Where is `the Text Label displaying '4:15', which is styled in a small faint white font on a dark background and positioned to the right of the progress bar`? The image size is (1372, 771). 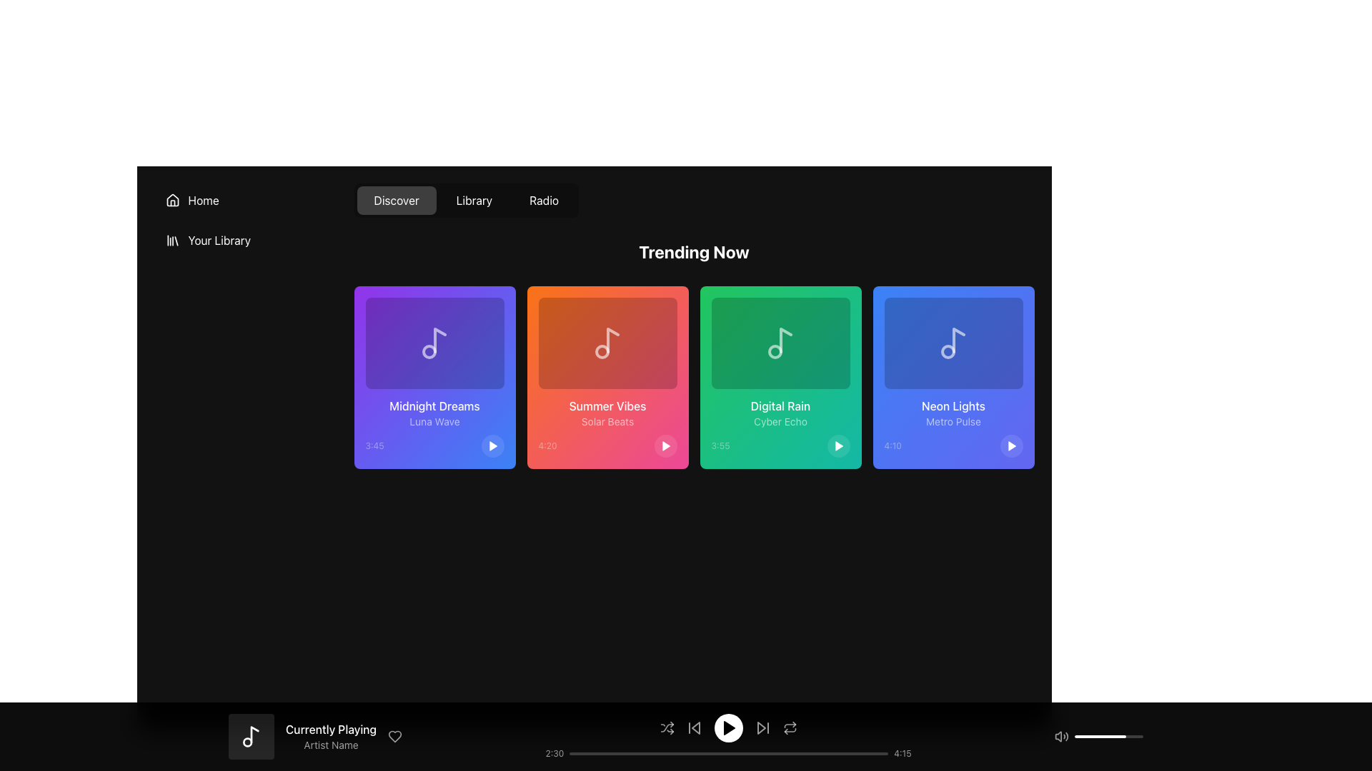
the Text Label displaying '4:15', which is styled in a small faint white font on a dark background and positioned to the right of the progress bar is located at coordinates (902, 753).